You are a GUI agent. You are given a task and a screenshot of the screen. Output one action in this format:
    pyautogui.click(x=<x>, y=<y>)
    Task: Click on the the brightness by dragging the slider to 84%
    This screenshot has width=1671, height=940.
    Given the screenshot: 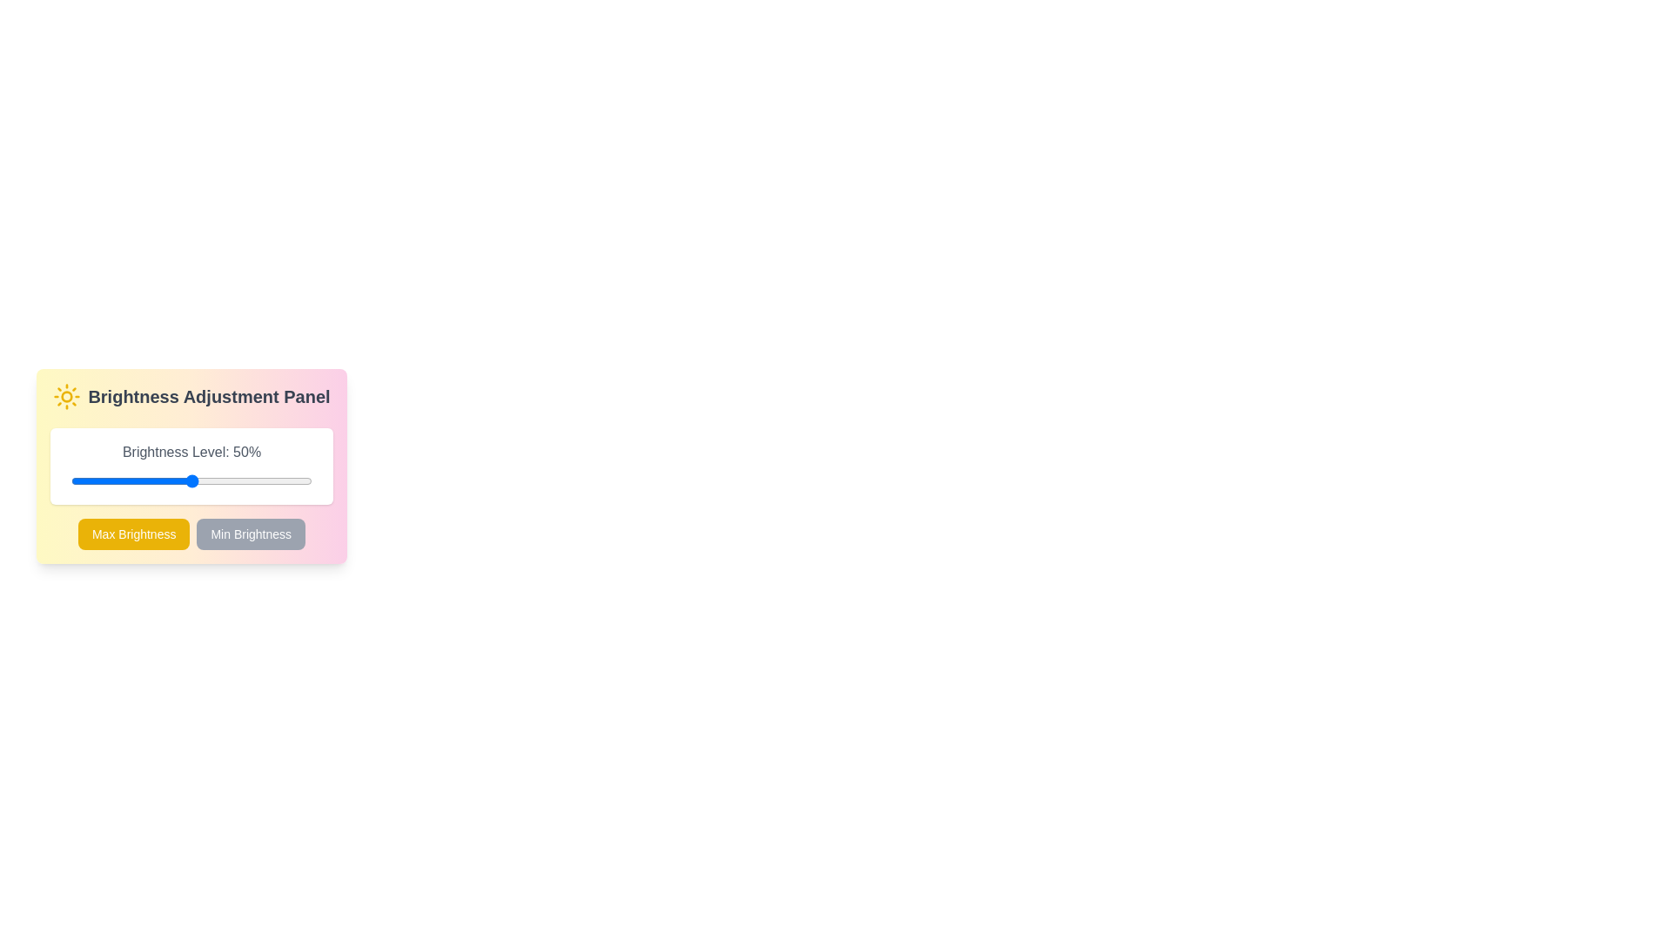 What is the action you would take?
    pyautogui.click(x=272, y=480)
    